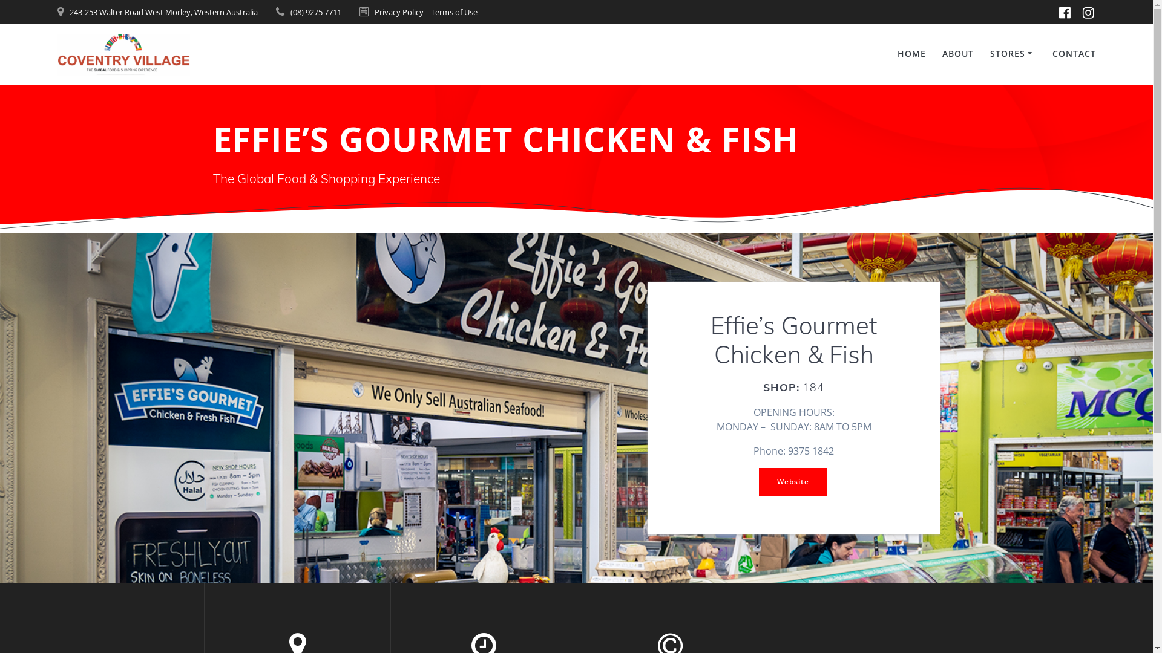 This screenshot has height=653, width=1162. Describe the element at coordinates (793, 481) in the screenshot. I see `'Website'` at that location.